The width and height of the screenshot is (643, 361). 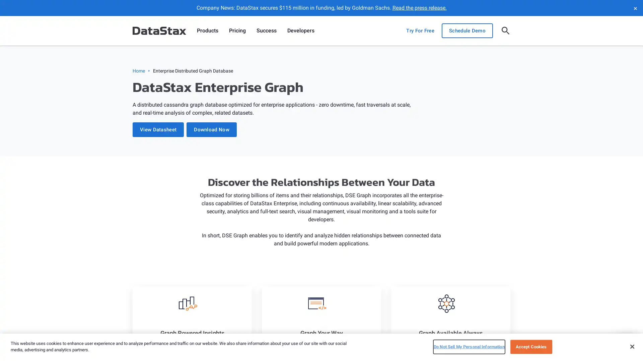 I want to click on Open Intercom Messenger, so click(x=626, y=344).